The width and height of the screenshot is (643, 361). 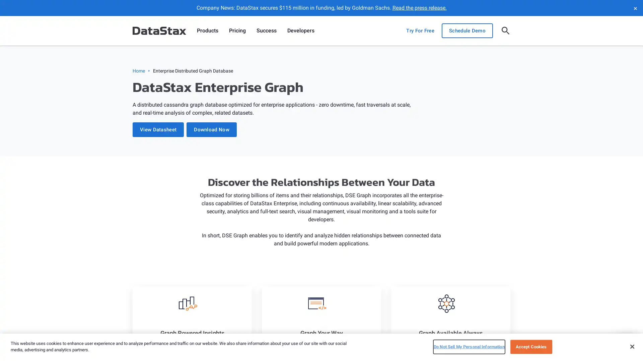 I want to click on Open Intercom Messenger, so click(x=626, y=344).